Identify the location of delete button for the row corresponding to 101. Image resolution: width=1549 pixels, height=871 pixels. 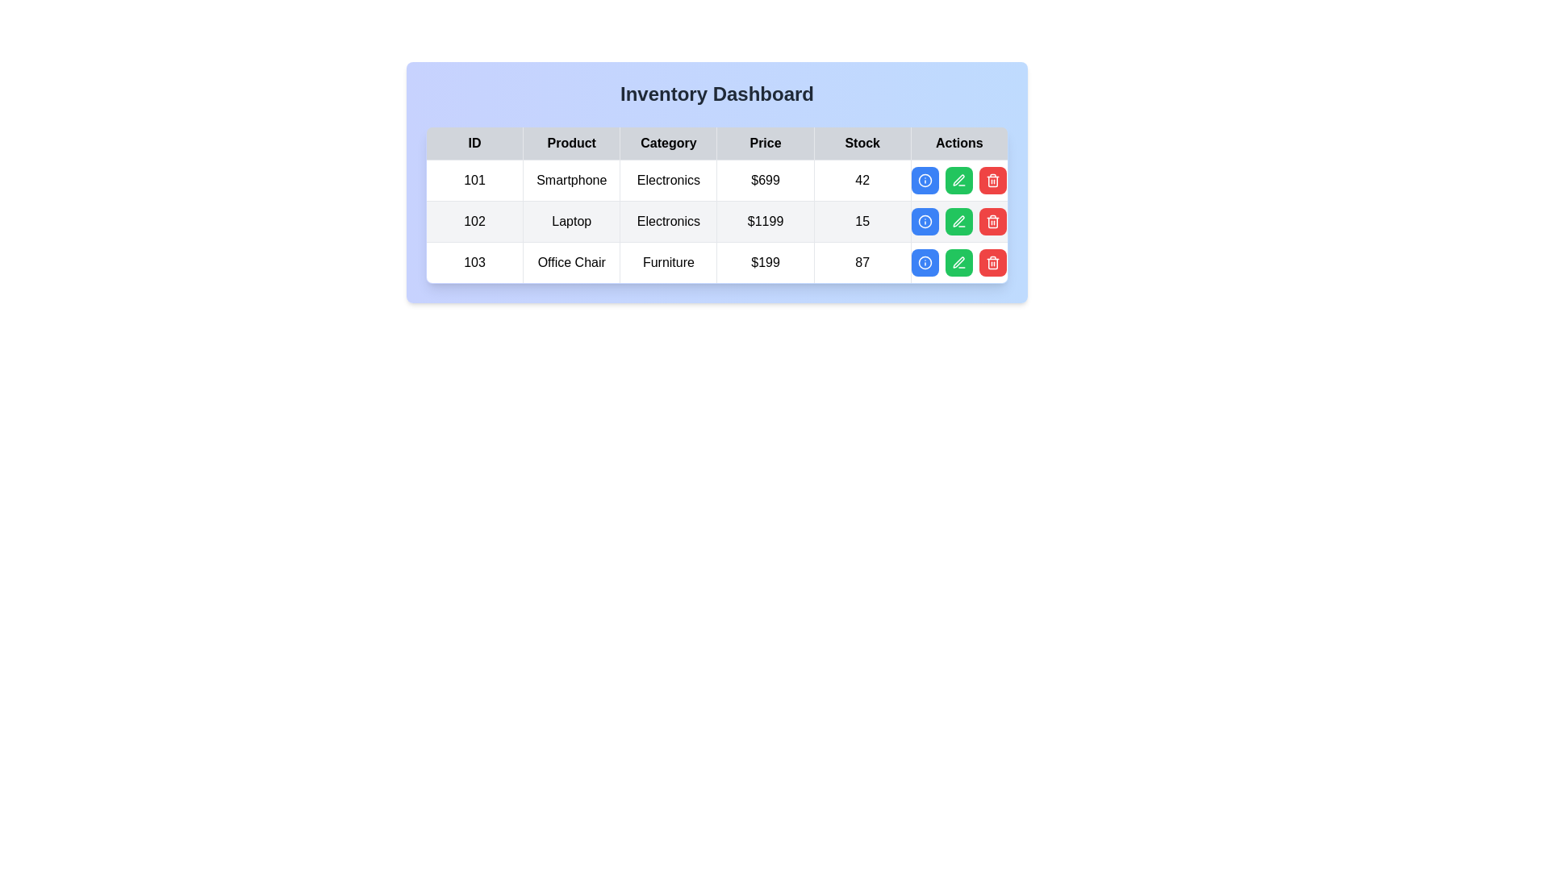
(992, 180).